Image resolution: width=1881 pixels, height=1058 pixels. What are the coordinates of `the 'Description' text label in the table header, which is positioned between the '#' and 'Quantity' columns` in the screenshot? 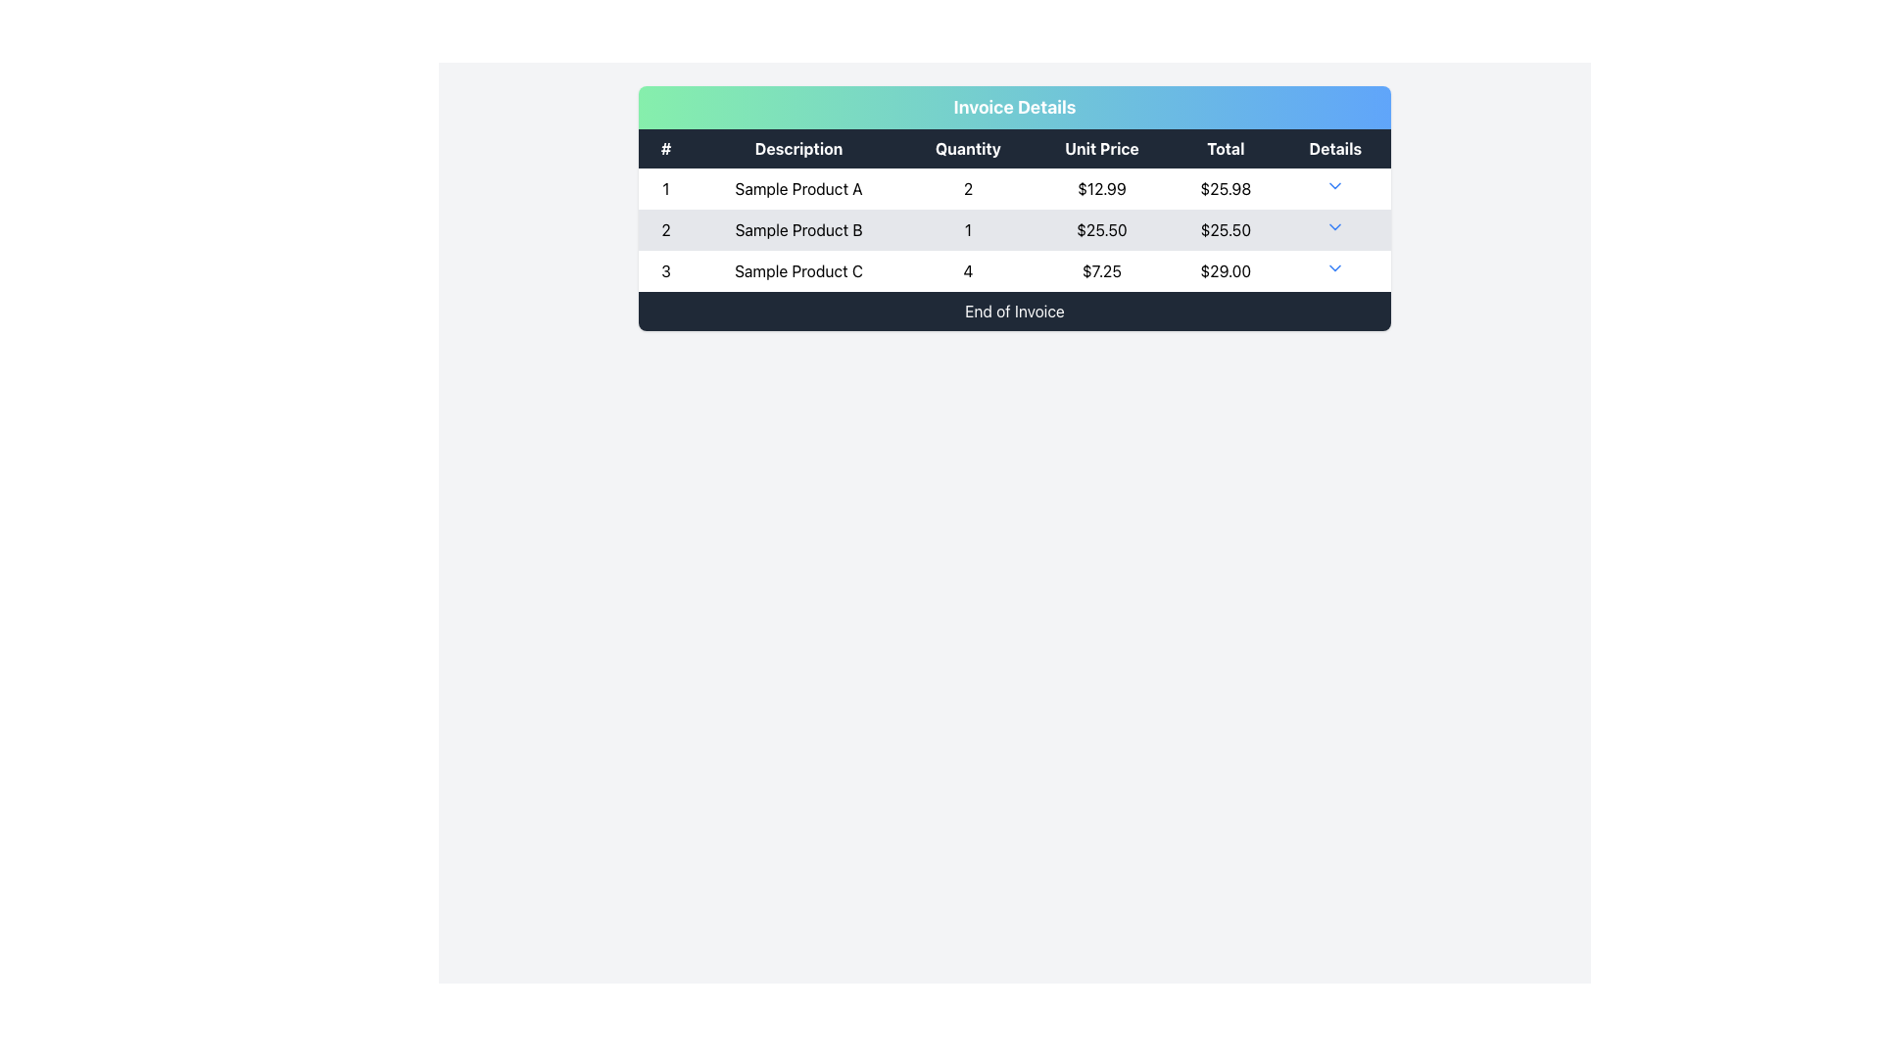 It's located at (798, 147).